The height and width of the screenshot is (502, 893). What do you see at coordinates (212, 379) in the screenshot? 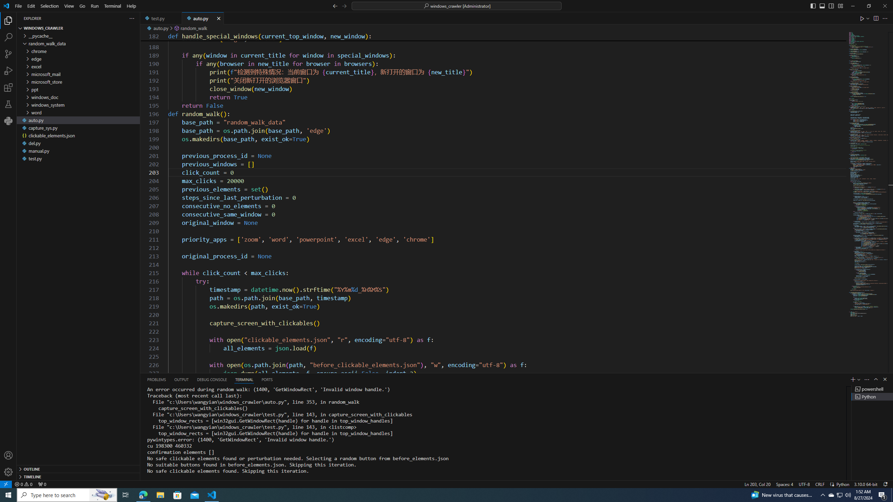
I see `'Debug Console (Ctrl+Shift+Y)'` at bounding box center [212, 379].